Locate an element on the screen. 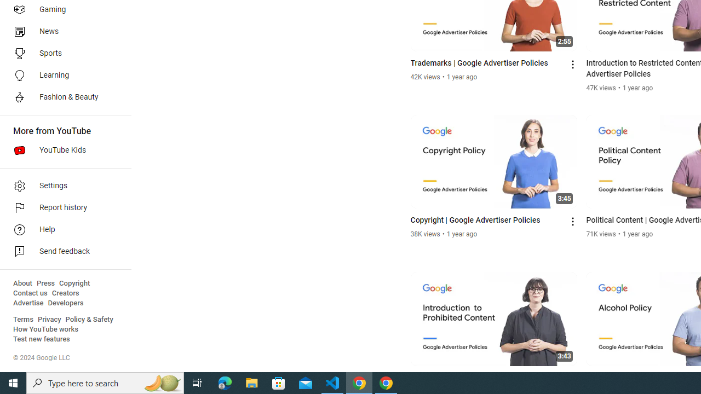 The height and width of the screenshot is (394, 701). 'Report history' is located at coordinates (61, 208).